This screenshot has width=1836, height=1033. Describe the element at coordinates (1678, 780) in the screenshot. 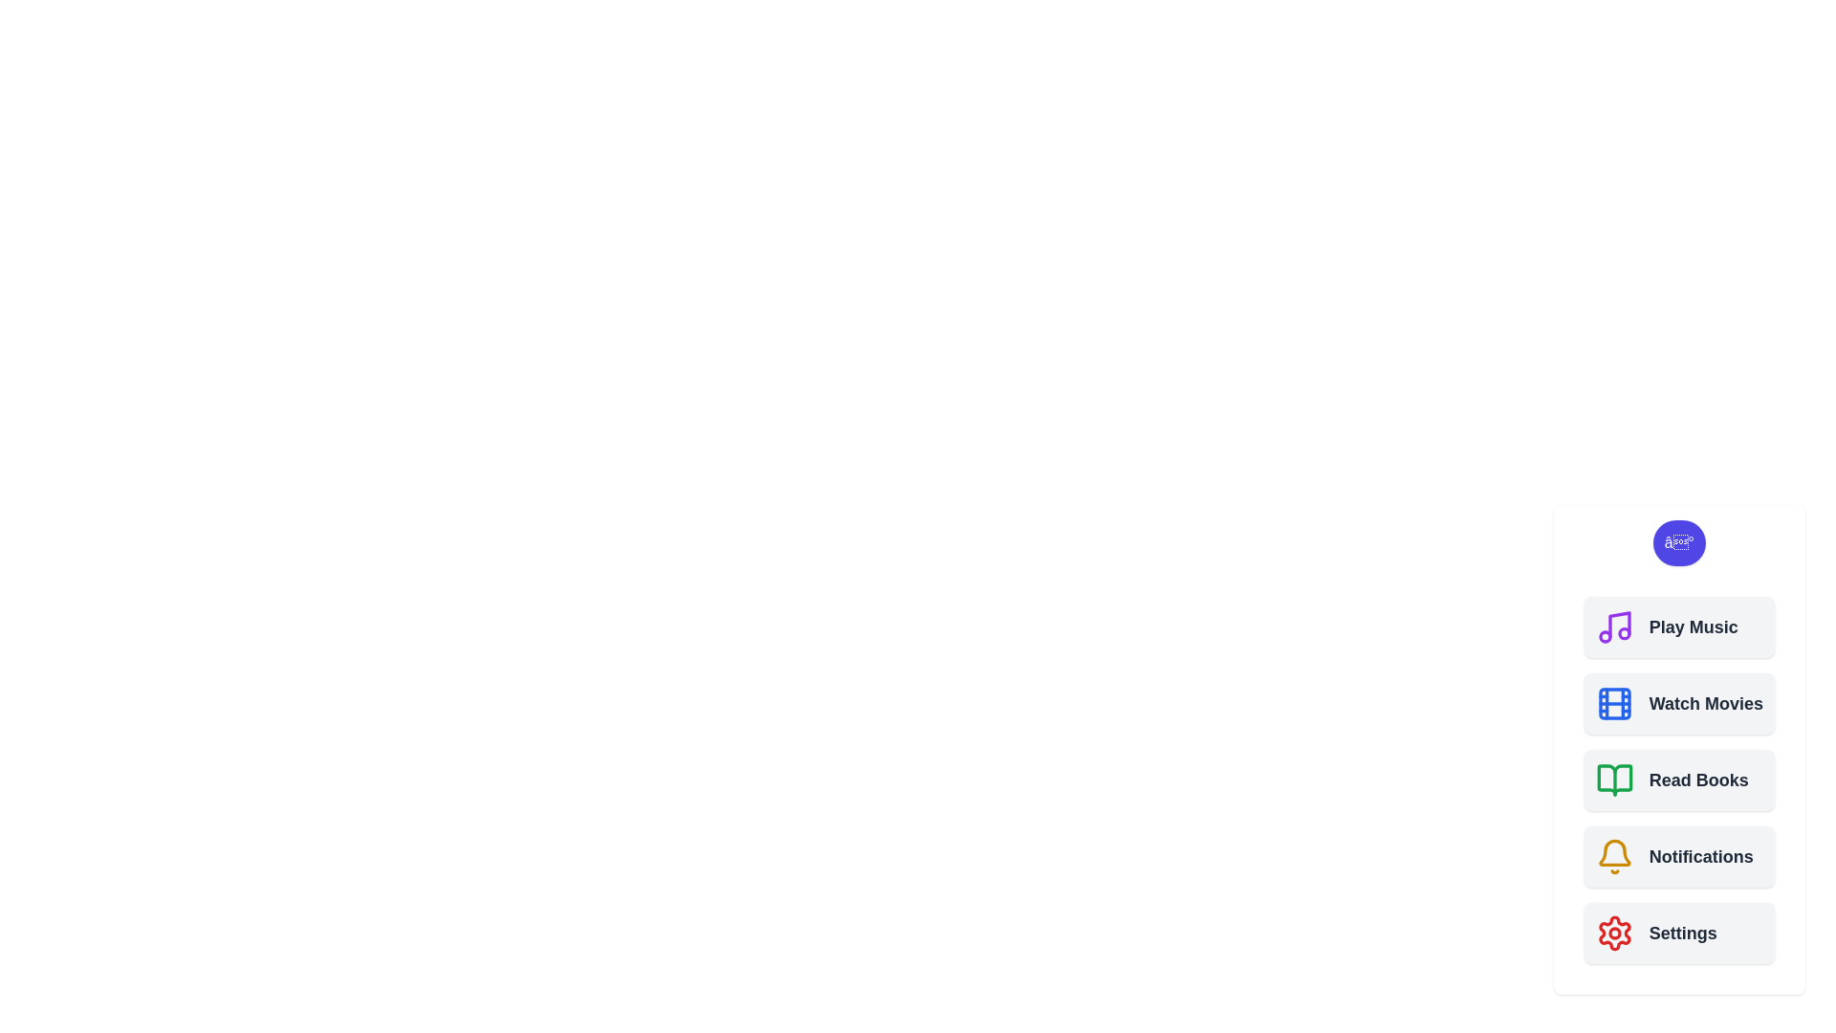

I see `the 'Read Books' button` at that location.